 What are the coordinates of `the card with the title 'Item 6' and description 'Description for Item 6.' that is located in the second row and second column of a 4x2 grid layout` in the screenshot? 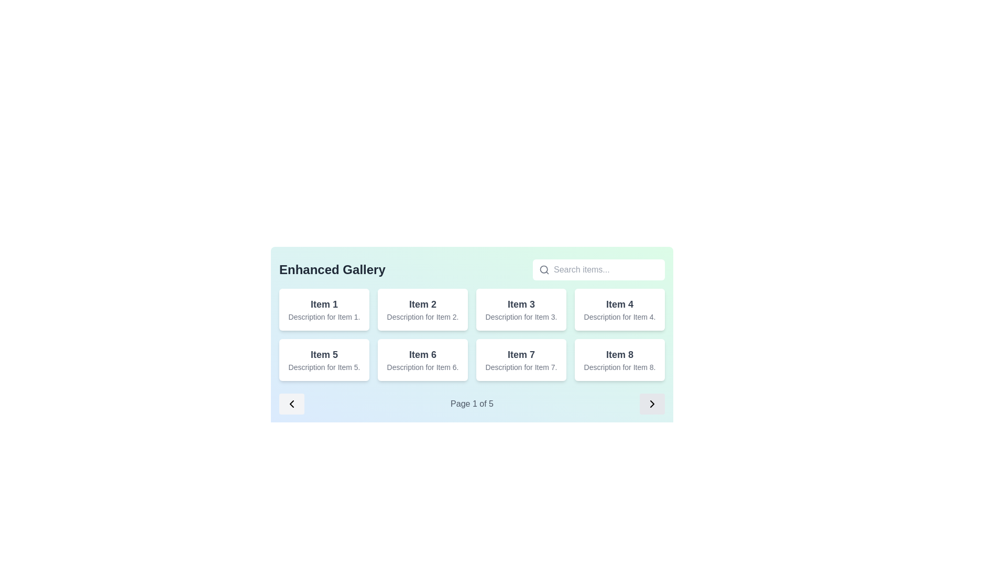 It's located at (422, 359).